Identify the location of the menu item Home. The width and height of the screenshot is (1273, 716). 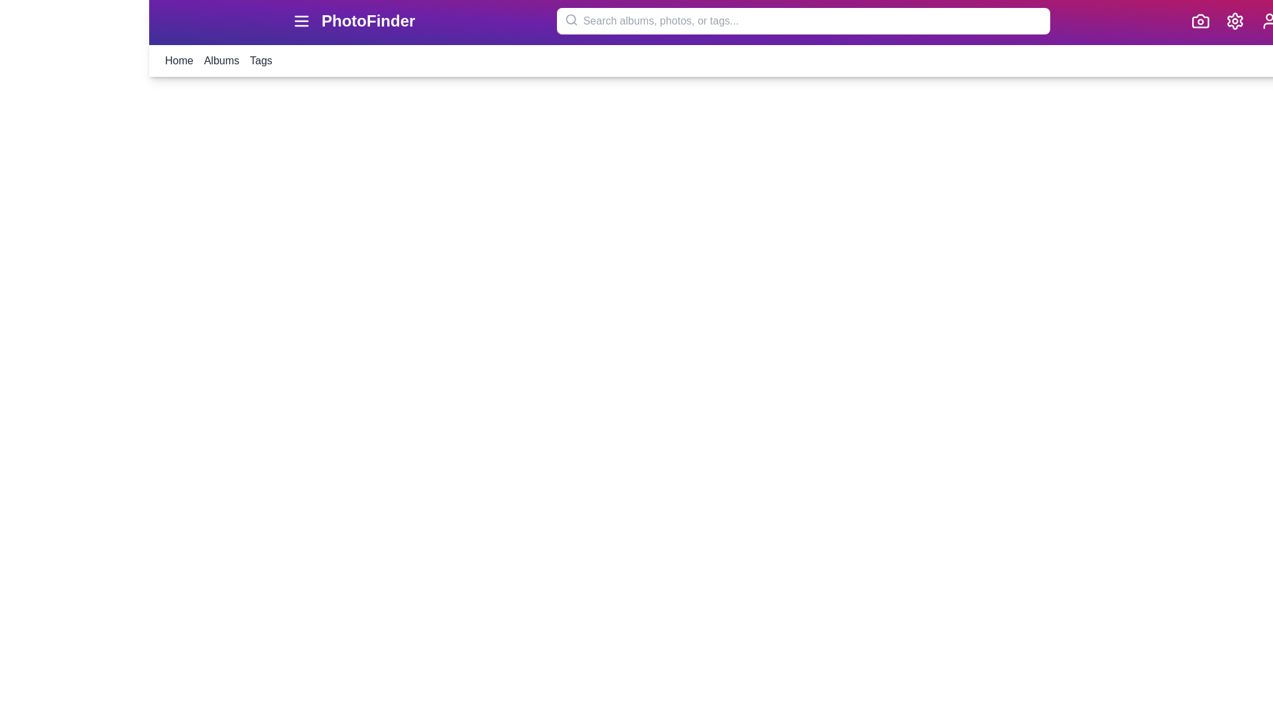
(178, 61).